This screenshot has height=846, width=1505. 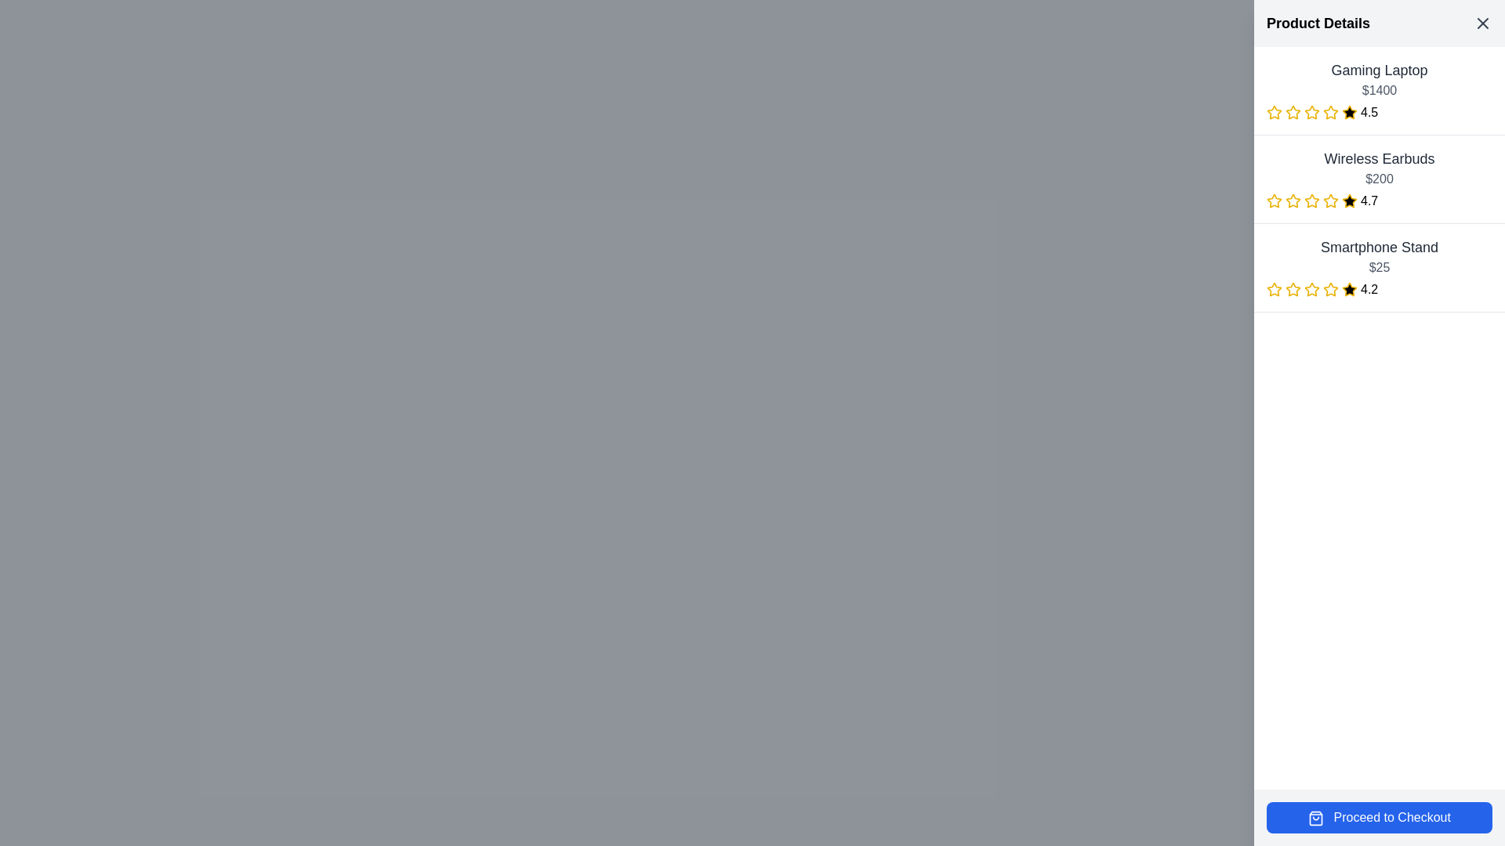 I want to click on the first yellow star icon in the star rating row under the 'Gaming Laptop' label in the 'Product Details' section to interact with it, so click(x=1275, y=111).